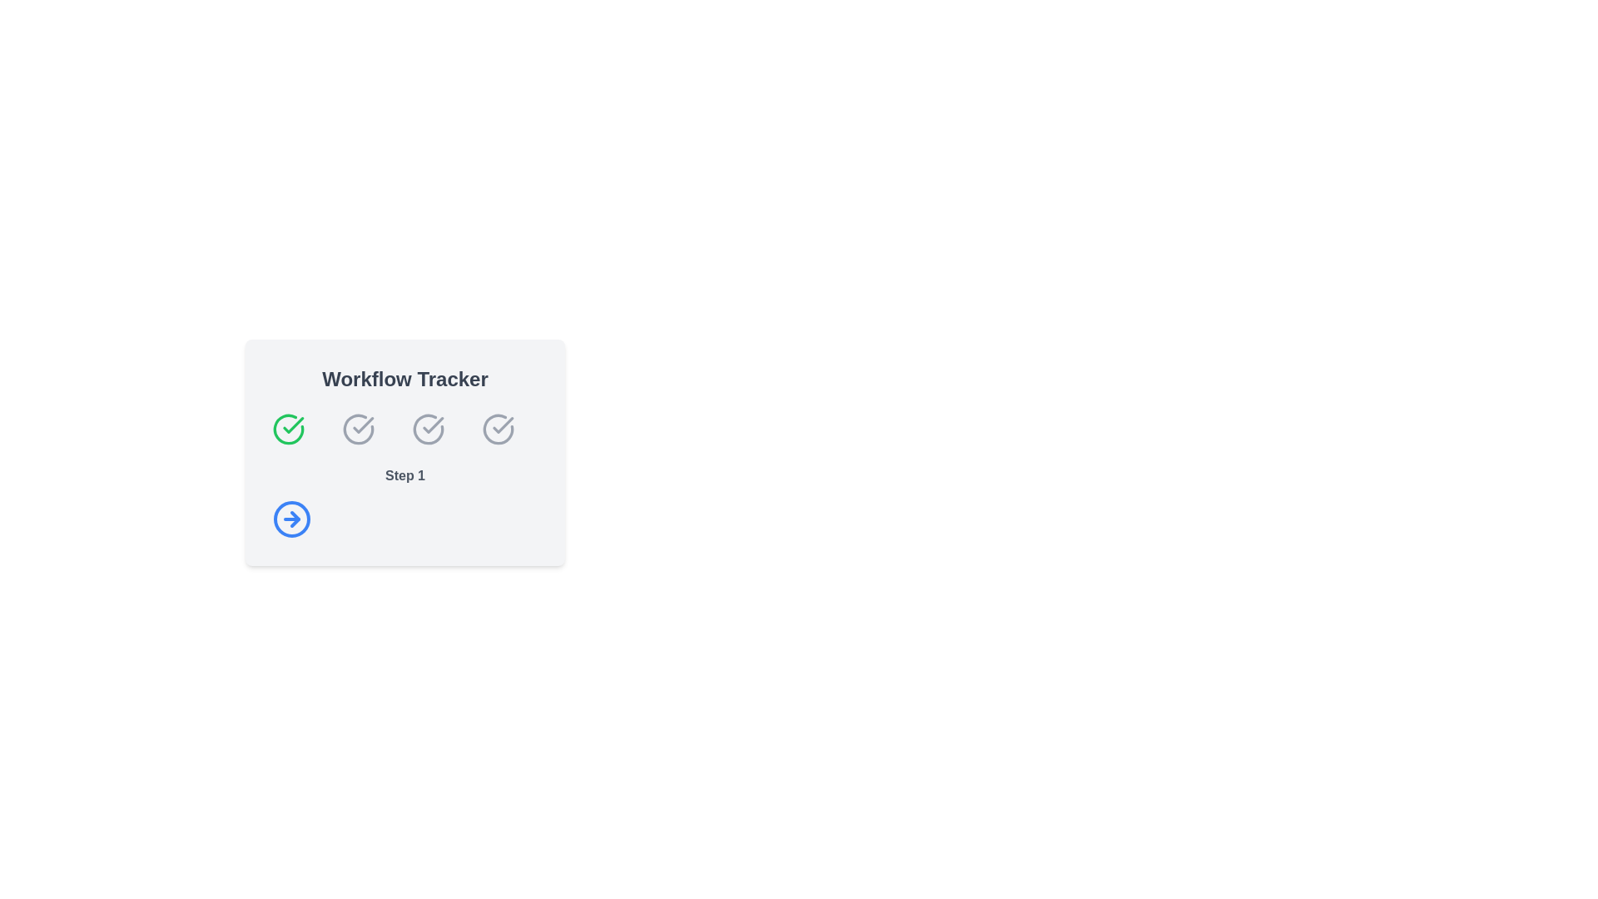 The height and width of the screenshot is (899, 1598). What do you see at coordinates (502, 424) in the screenshot?
I see `the checkmark element within the circle of the SVG icon located beneath the 'Workflow Tracker' text, which is the first icon from the left` at bounding box center [502, 424].